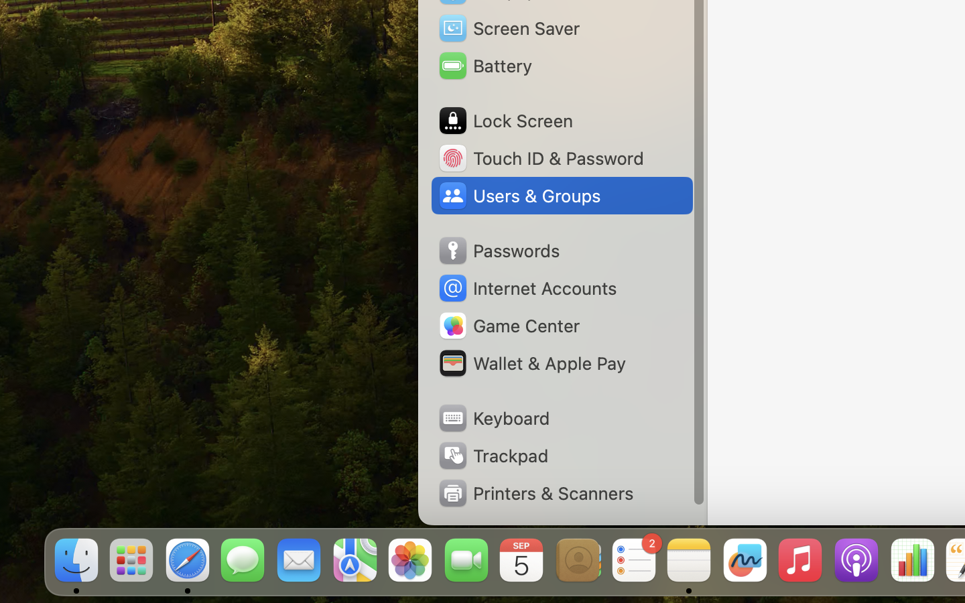 The height and width of the screenshot is (603, 965). I want to click on 'Lock Screen', so click(504, 121).